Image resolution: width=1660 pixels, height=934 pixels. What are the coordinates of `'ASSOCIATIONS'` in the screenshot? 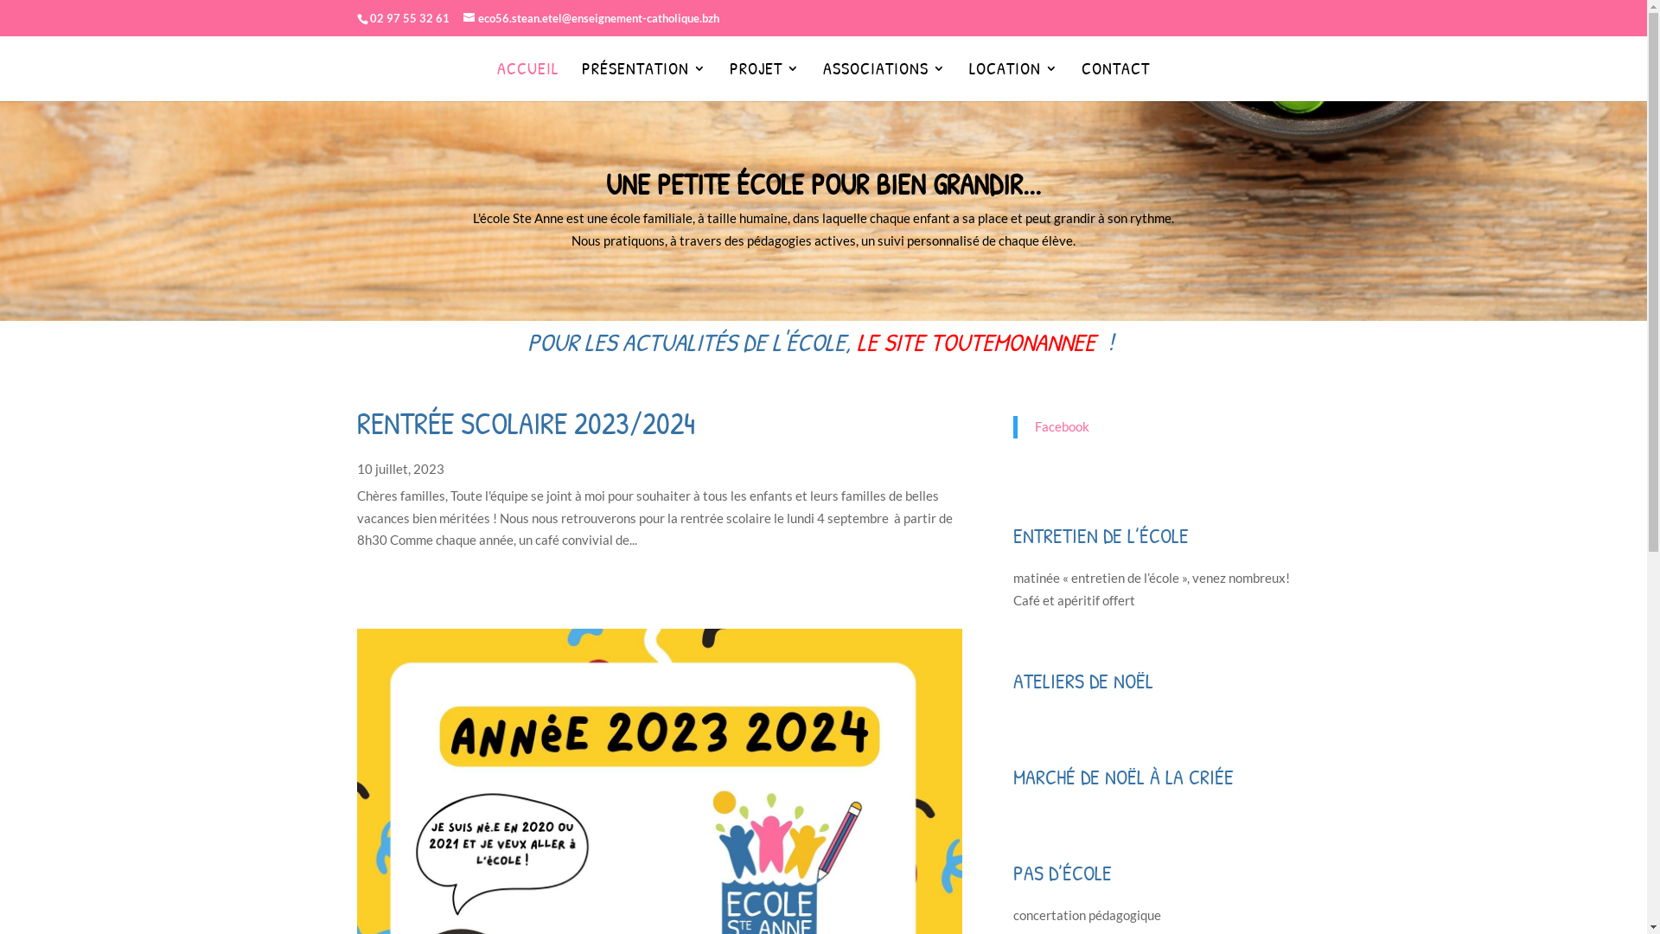 It's located at (821, 76).